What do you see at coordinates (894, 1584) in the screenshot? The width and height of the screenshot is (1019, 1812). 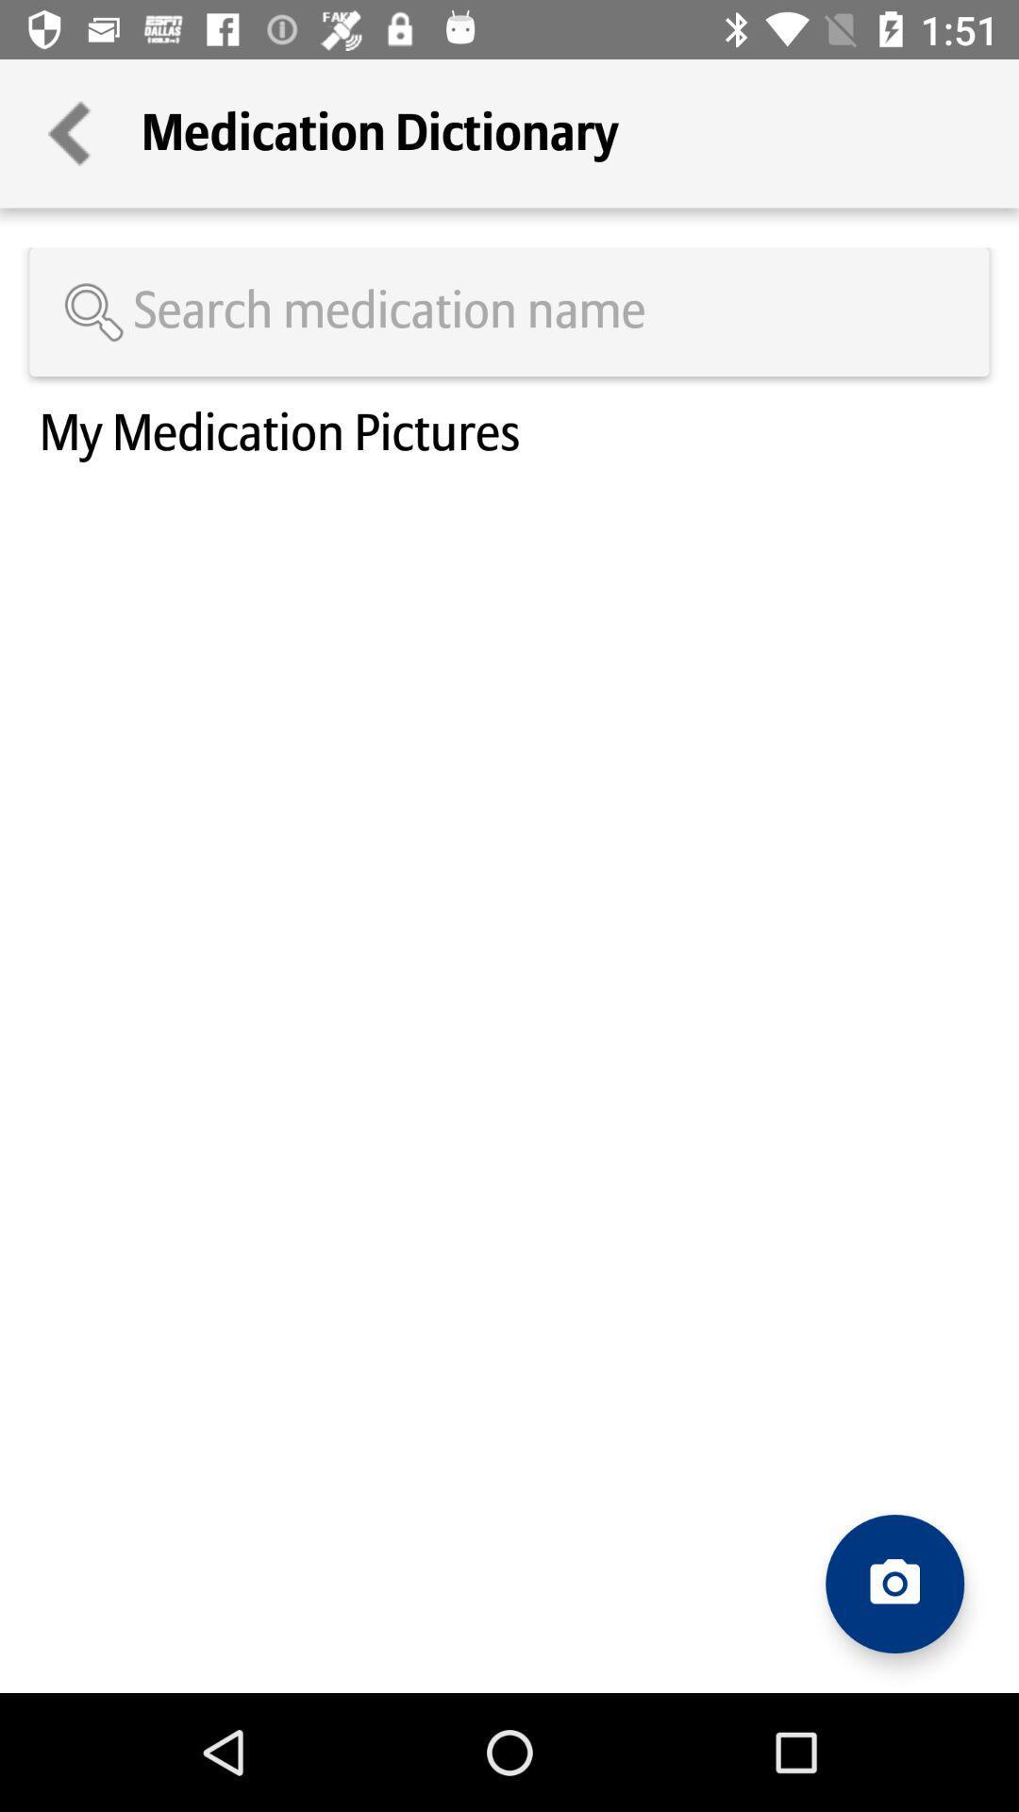 I see `take a photo` at bounding box center [894, 1584].